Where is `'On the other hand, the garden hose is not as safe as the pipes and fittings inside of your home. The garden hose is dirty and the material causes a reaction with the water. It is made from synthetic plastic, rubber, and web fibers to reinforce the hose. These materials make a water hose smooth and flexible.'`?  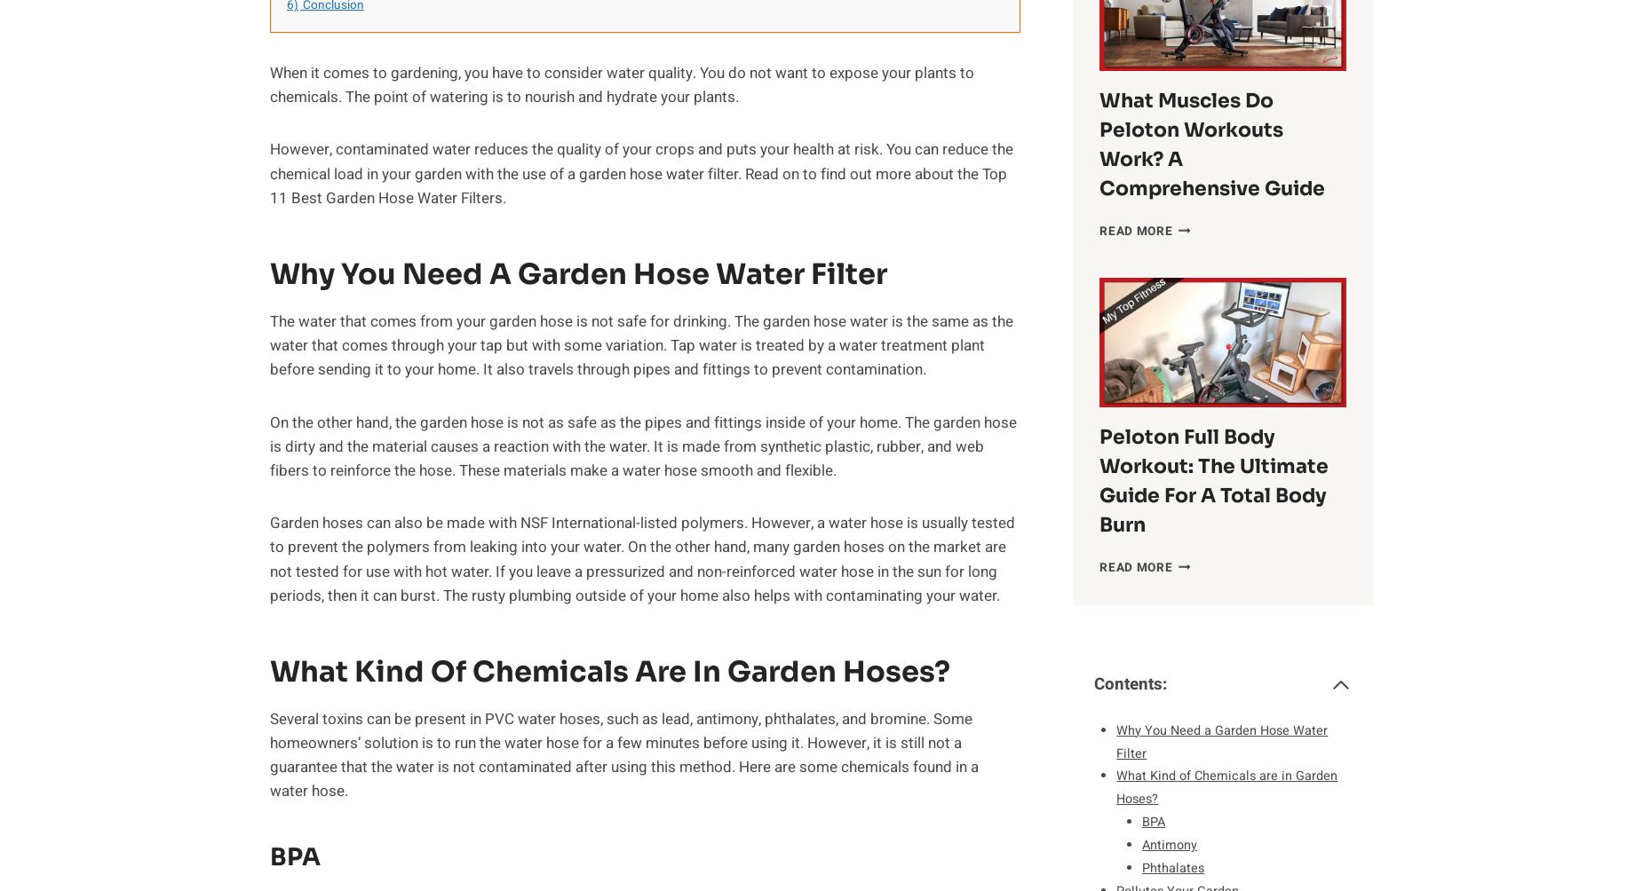 'On the other hand, the garden hose is not as safe as the pipes and fittings inside of your home. The garden hose is dirty and the material causes a reaction with the water. It is made from synthetic plastic, rubber, and web fibers to reinforce the hose. These materials make a water hose smooth and flexible.' is located at coordinates (643, 445).